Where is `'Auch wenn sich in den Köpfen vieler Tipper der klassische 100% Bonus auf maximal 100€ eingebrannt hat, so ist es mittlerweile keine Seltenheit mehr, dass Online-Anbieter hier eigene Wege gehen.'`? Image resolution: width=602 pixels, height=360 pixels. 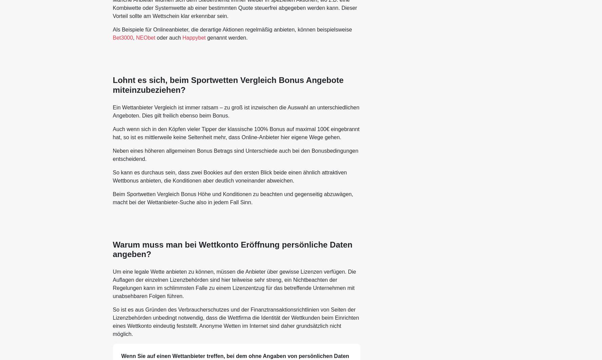
'Auch wenn sich in den Köpfen vieler Tipper der klassische 100% Bonus auf maximal 100€ eingebrannt hat, so ist es mittlerweile keine Seltenheit mehr, dass Online-Anbieter hier eigene Wege gehen.' is located at coordinates (235, 133).